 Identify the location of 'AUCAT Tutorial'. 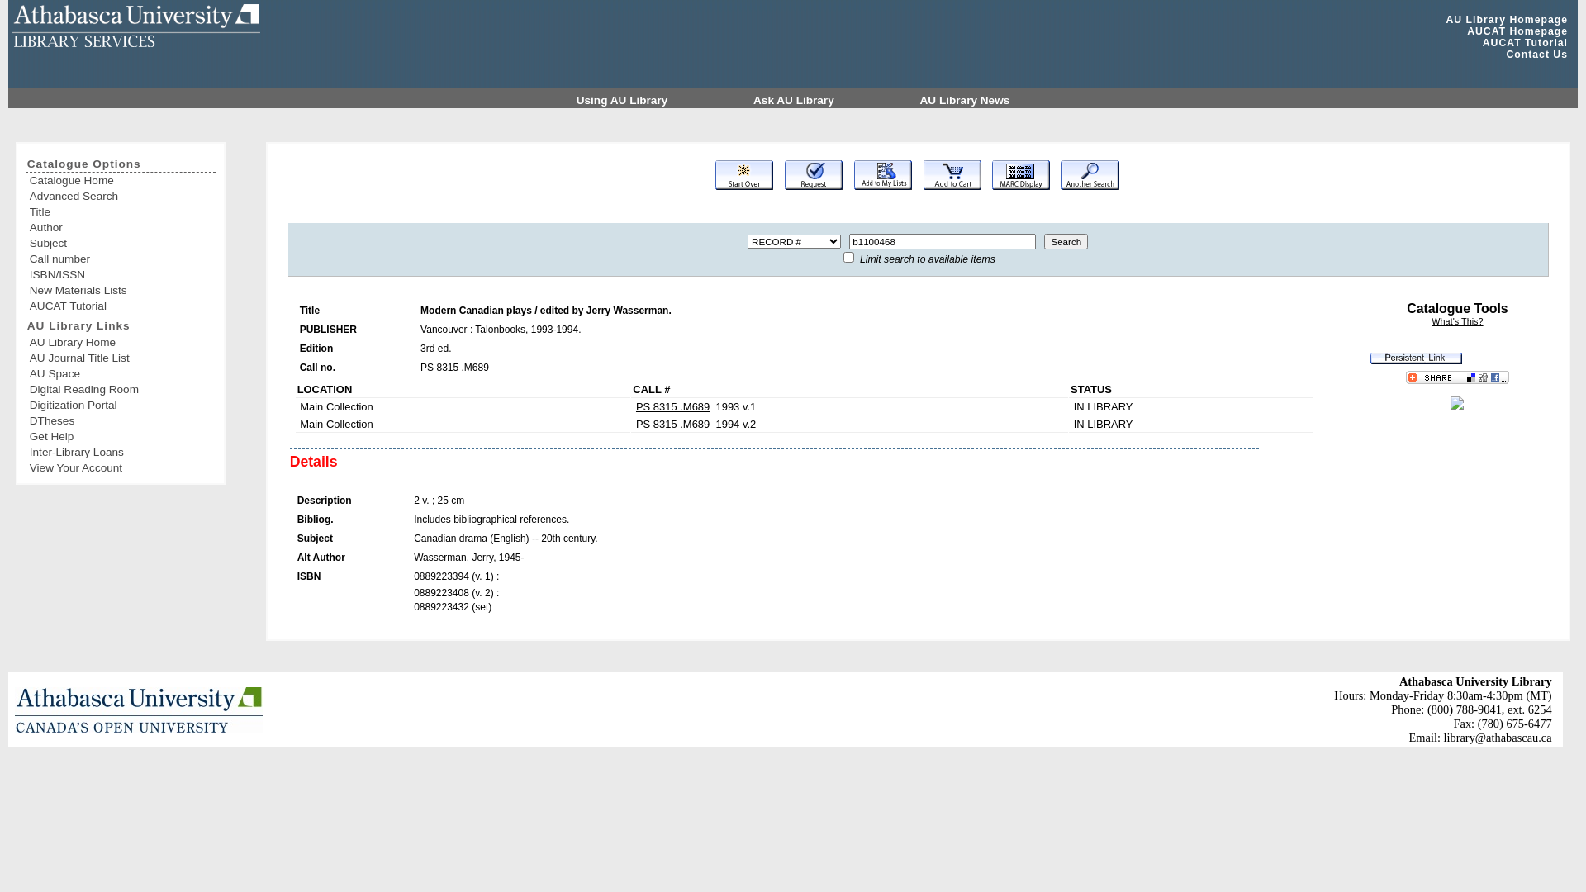
(1524, 41).